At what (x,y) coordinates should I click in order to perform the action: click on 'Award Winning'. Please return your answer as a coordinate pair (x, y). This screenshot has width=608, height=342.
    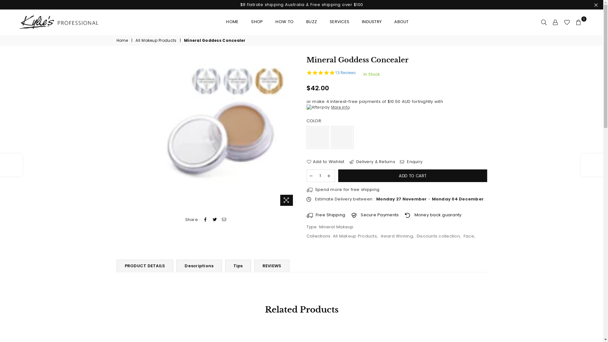
    Looking at the image, I should click on (396, 236).